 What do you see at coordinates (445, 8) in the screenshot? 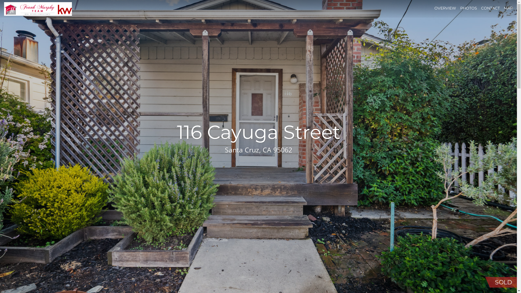
I see `'OVERVIEW'` at bounding box center [445, 8].